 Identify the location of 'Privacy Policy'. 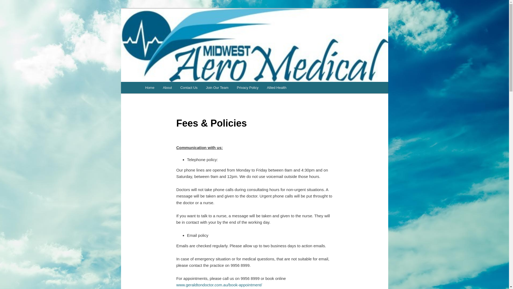
(232, 87).